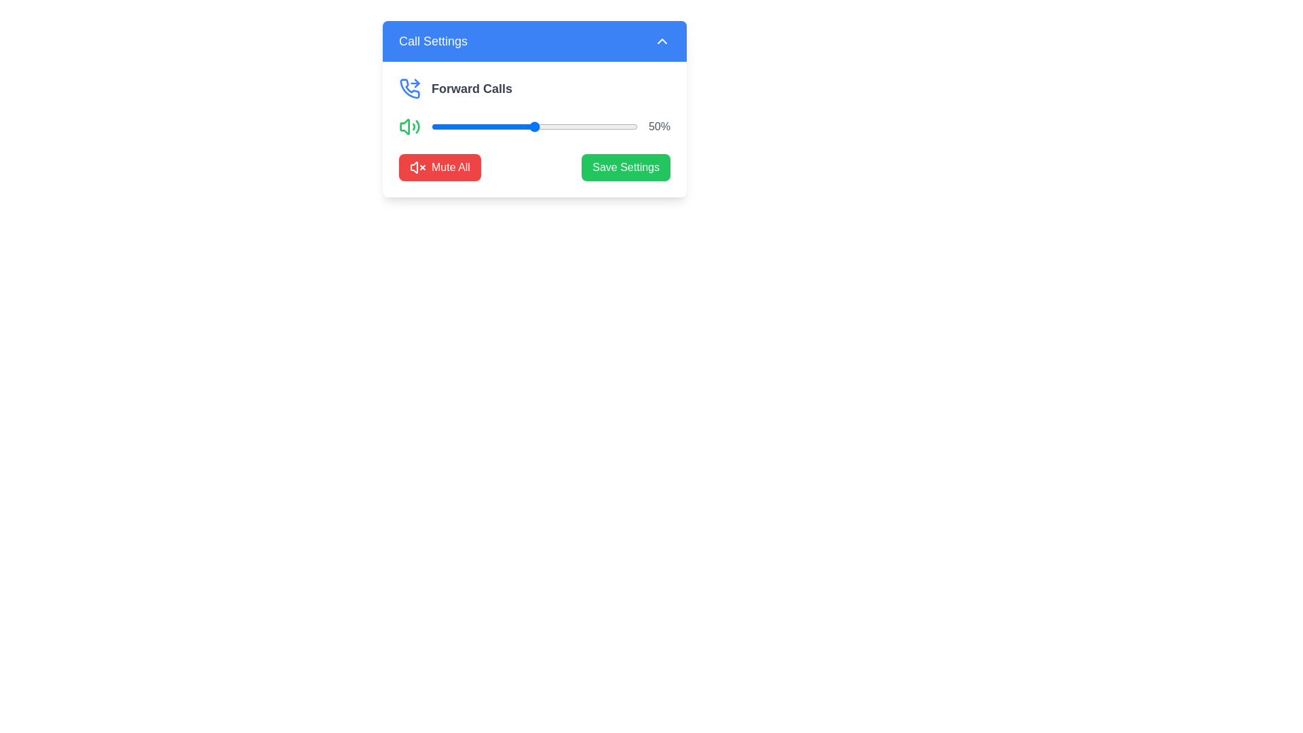 The image size is (1303, 733). I want to click on the slider, so click(599, 126).